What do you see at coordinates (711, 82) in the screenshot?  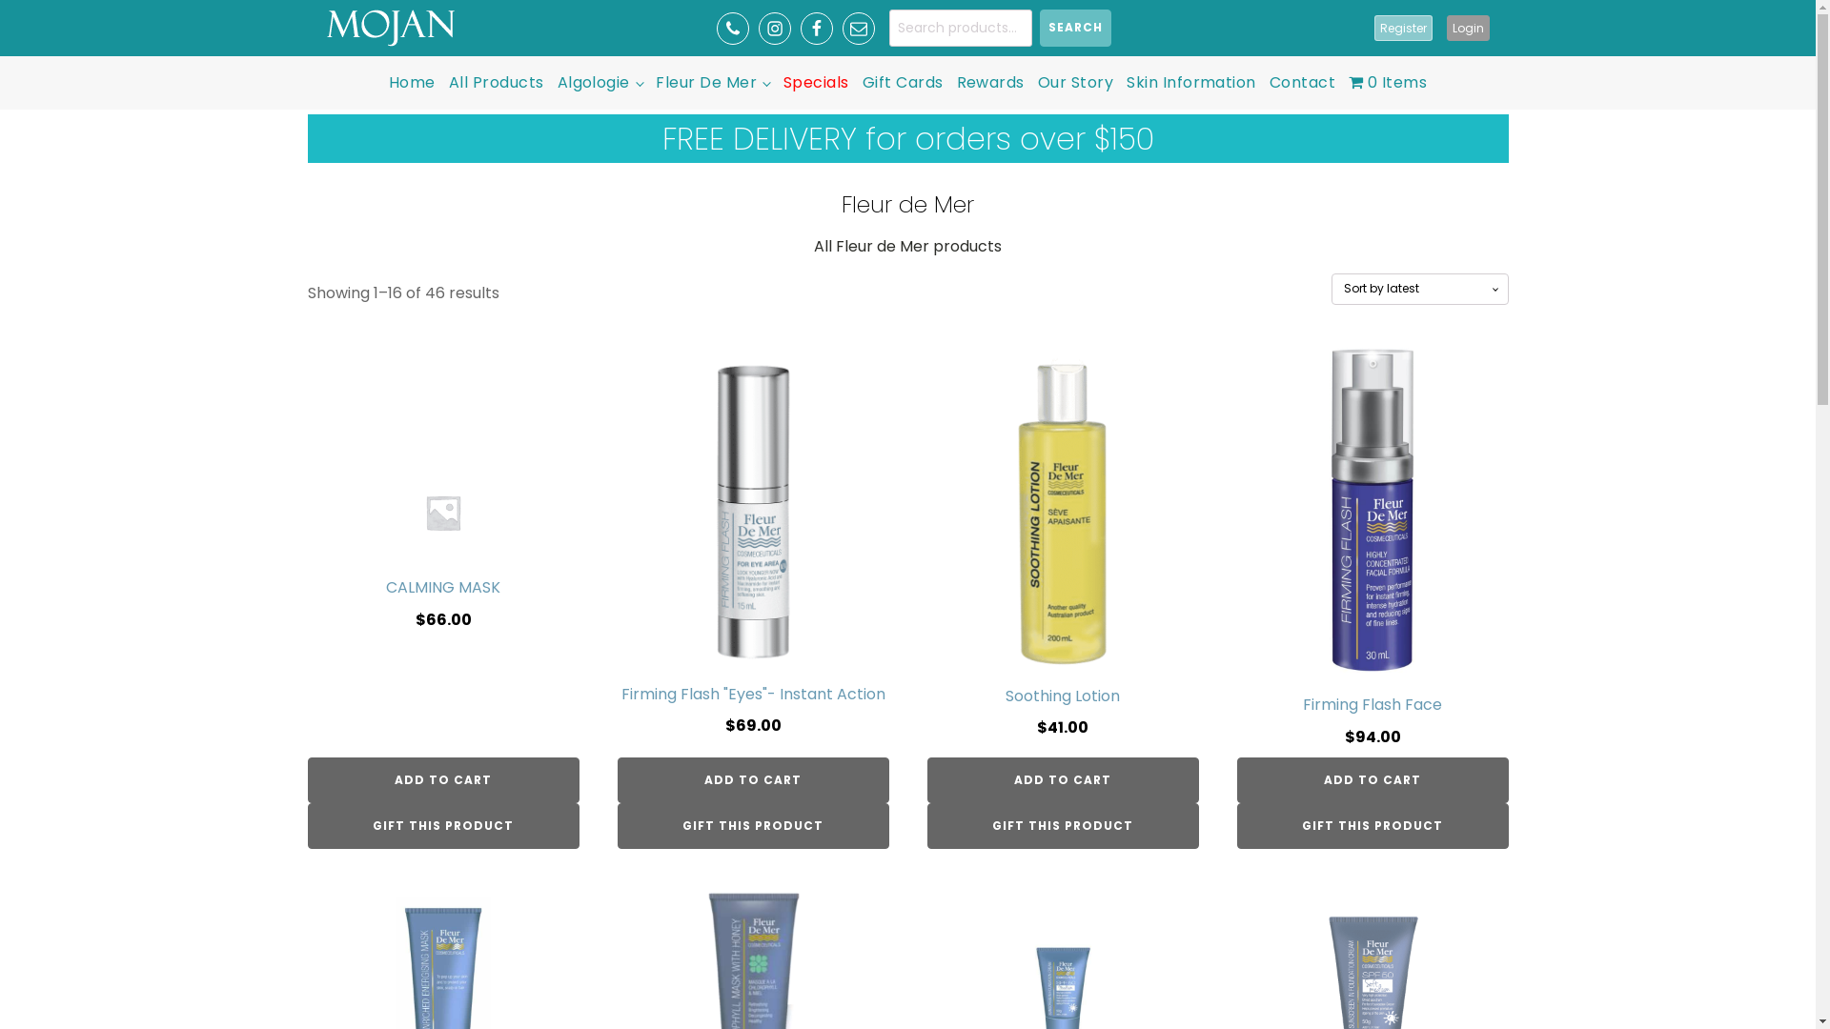 I see `'Fleur De Mer'` at bounding box center [711, 82].